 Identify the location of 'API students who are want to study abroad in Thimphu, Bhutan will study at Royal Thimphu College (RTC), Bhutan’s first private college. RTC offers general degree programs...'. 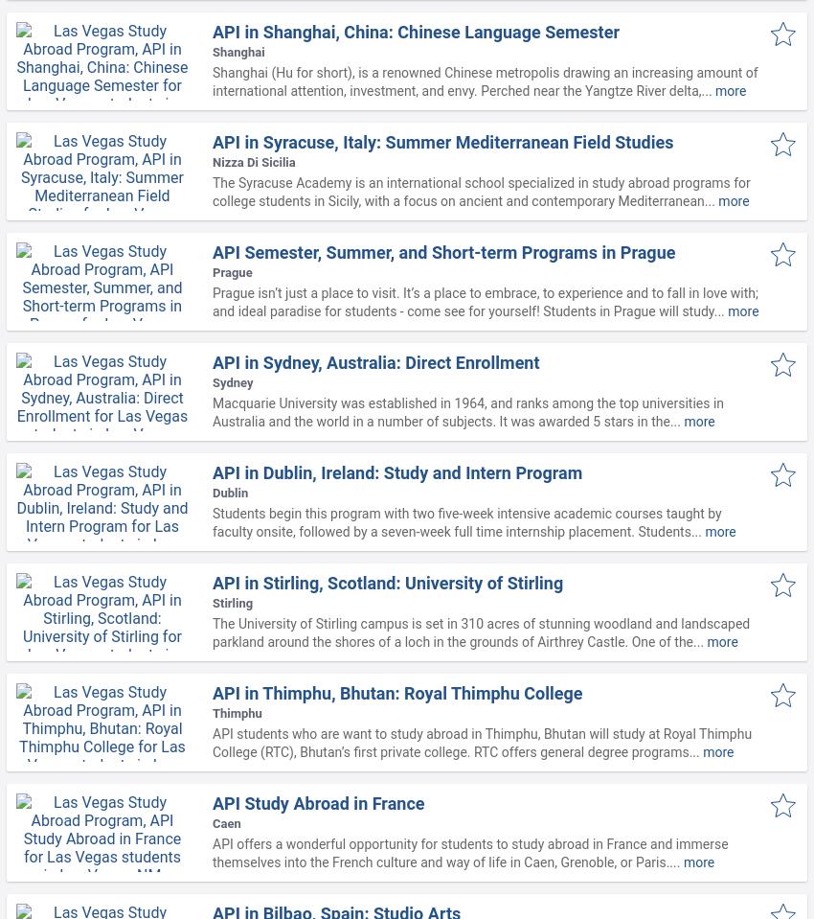
(482, 743).